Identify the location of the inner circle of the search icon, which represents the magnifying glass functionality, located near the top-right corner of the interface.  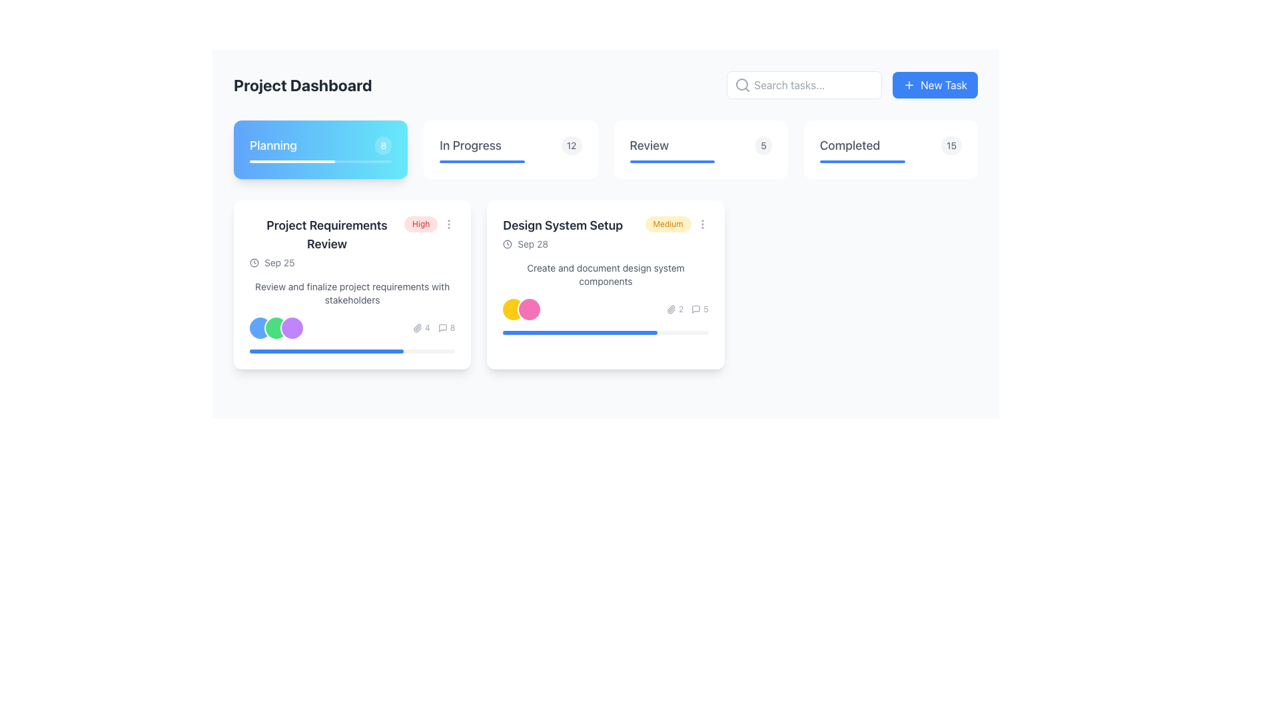
(741, 85).